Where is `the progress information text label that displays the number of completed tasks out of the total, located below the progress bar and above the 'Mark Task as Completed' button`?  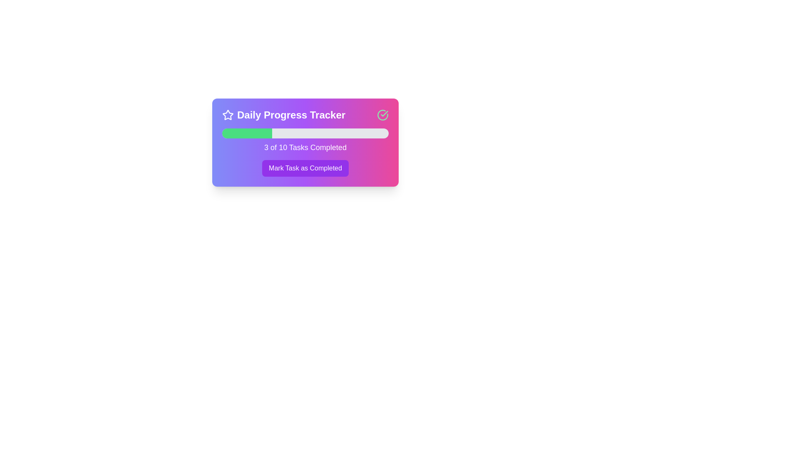
the progress information text label that displays the number of completed tasks out of the total, located below the progress bar and above the 'Mark Task as Completed' button is located at coordinates (305, 147).